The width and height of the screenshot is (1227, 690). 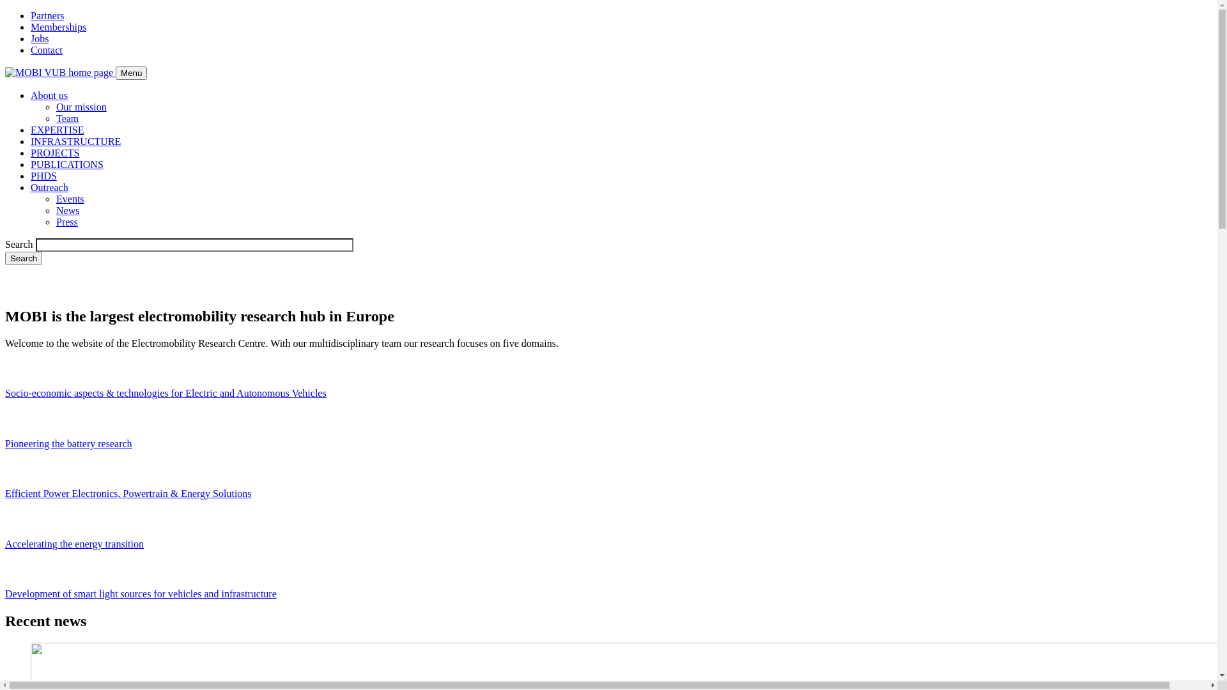 What do you see at coordinates (54, 152) in the screenshot?
I see `'PROJECTS'` at bounding box center [54, 152].